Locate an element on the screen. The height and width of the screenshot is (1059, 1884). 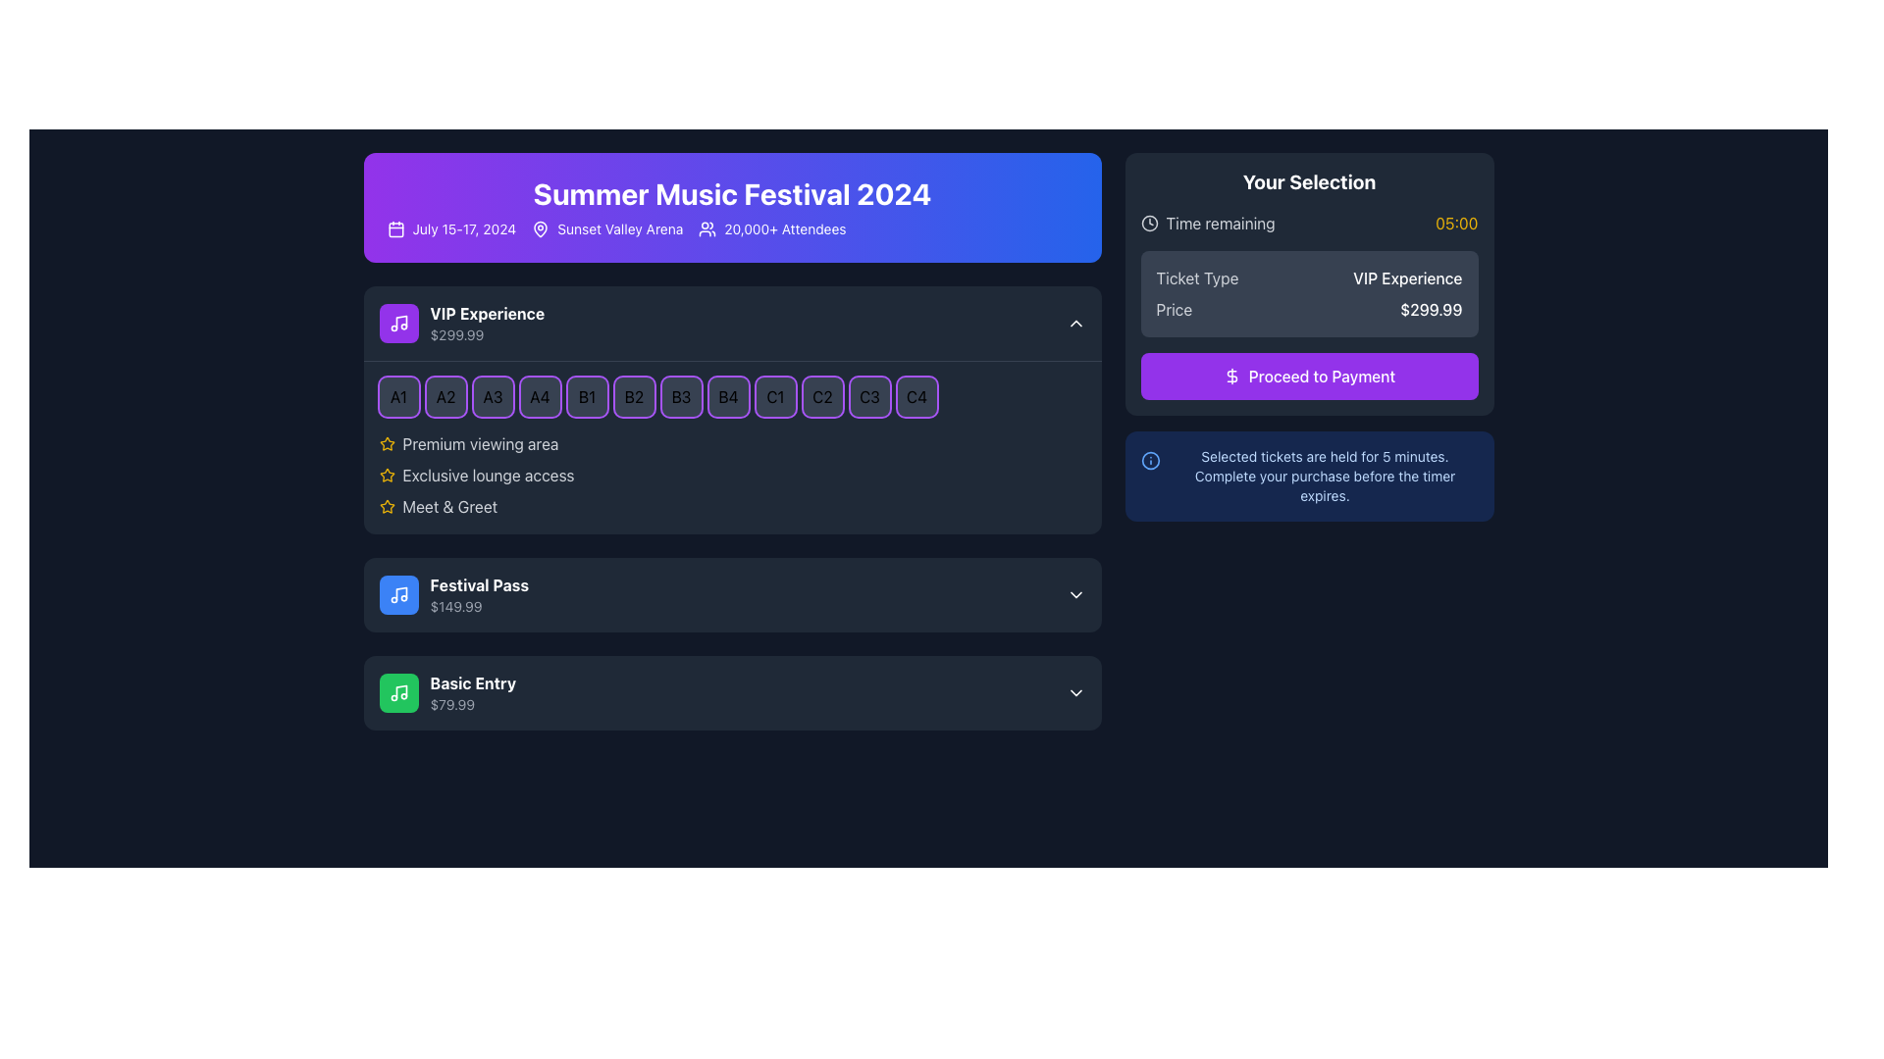
the 'Festival Pass' expandable list item is located at coordinates (731, 593).